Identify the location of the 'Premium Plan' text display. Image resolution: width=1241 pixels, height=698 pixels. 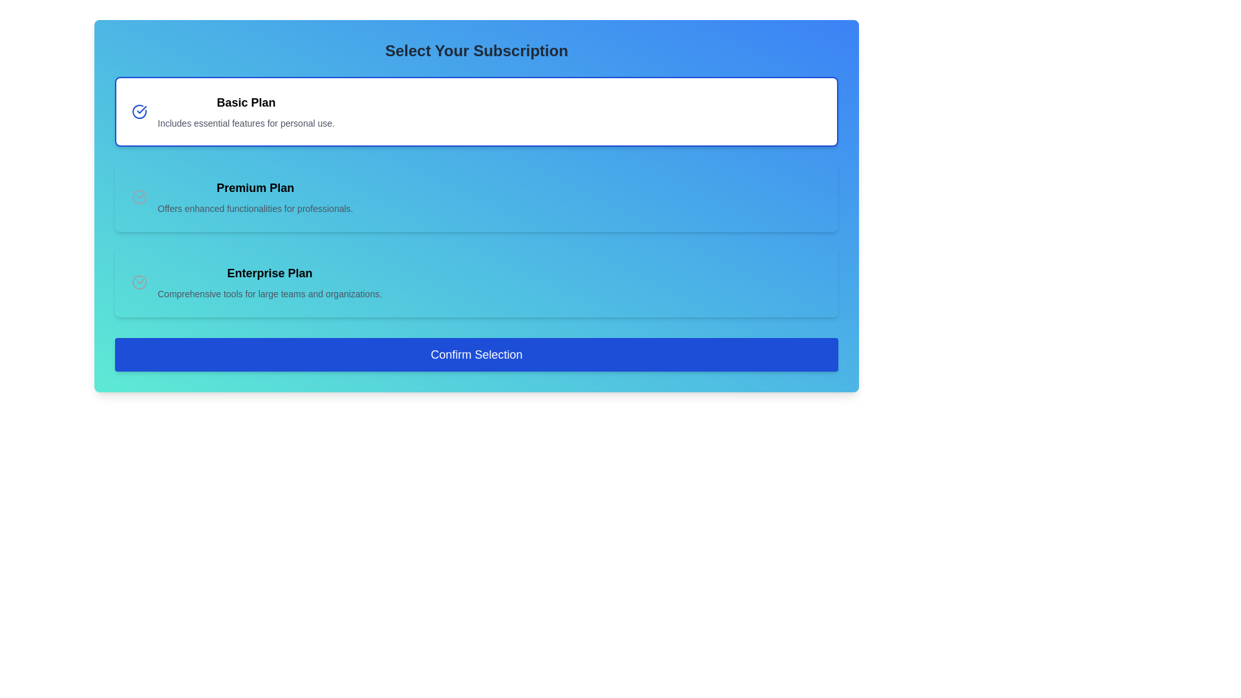
(255, 196).